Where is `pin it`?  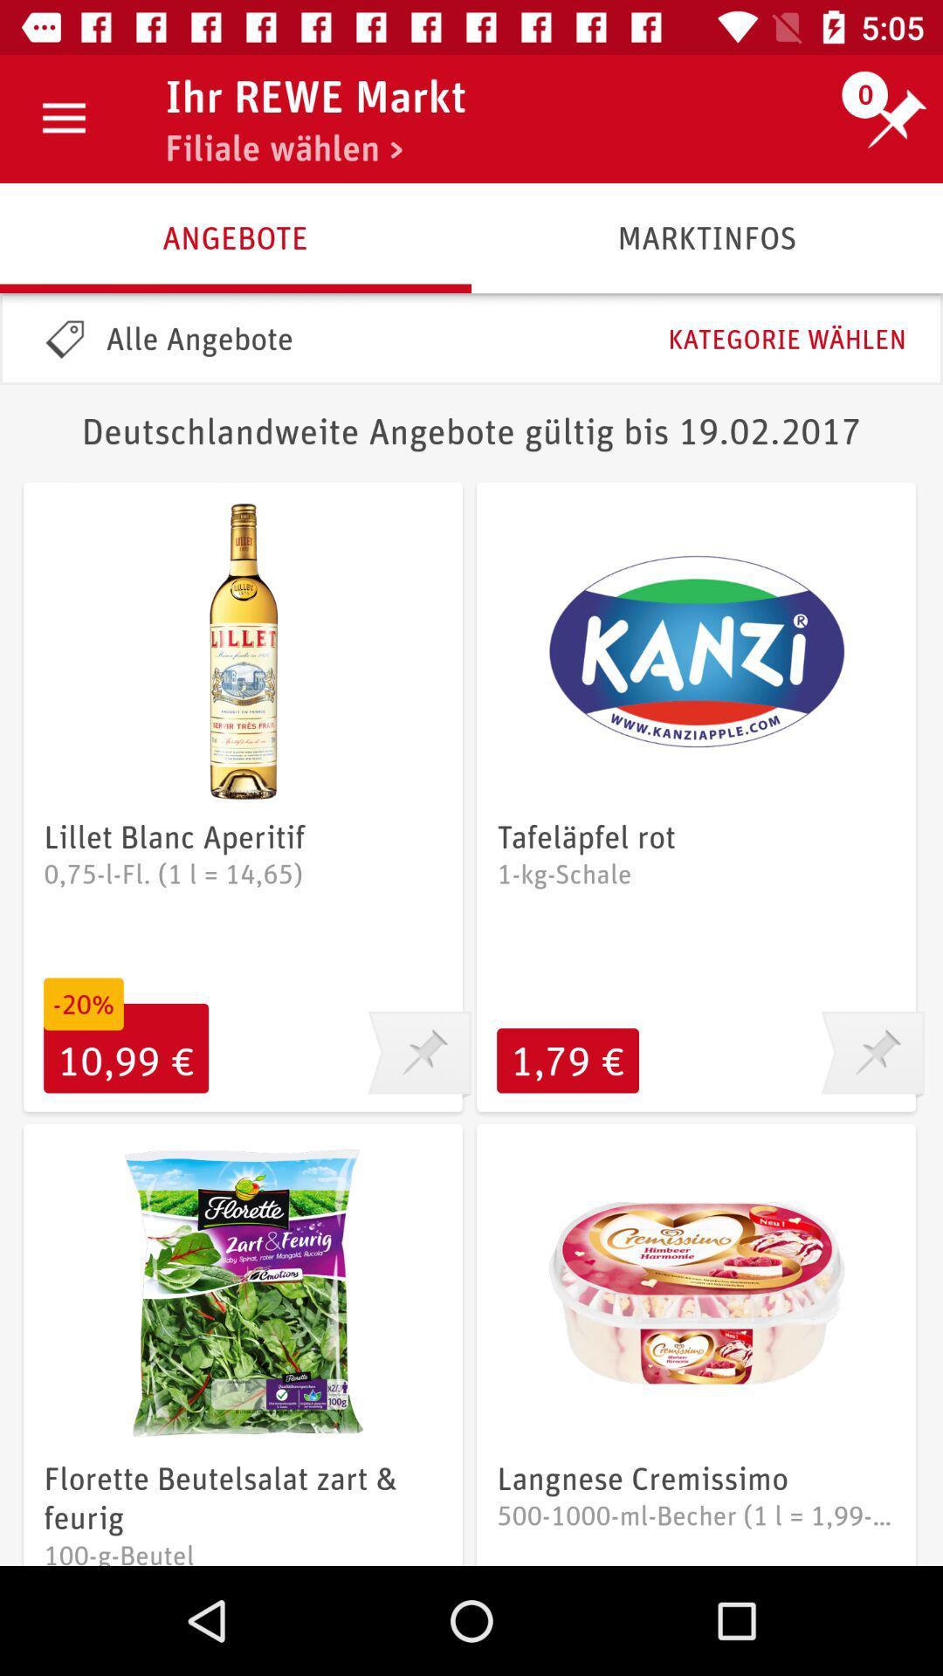
pin it is located at coordinates (419, 1054).